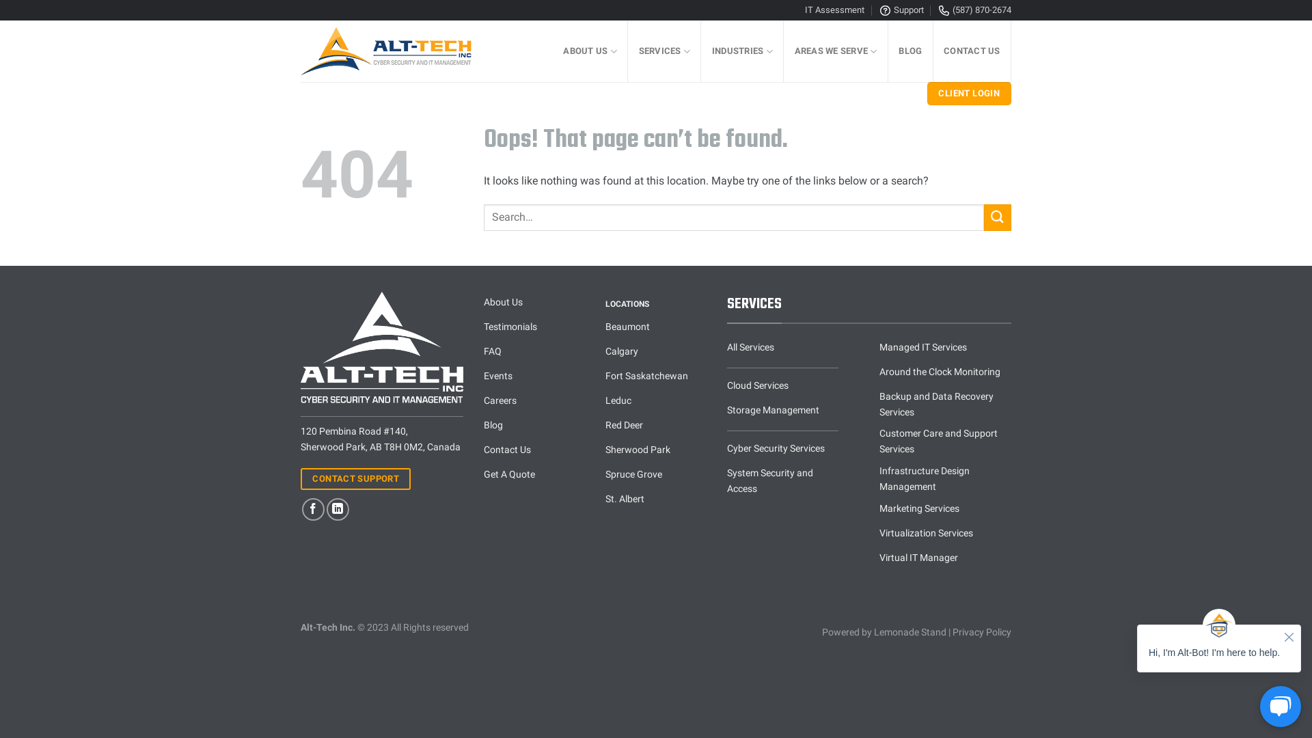 This screenshot has width=1312, height=738. I want to click on 'Events', so click(534, 377).